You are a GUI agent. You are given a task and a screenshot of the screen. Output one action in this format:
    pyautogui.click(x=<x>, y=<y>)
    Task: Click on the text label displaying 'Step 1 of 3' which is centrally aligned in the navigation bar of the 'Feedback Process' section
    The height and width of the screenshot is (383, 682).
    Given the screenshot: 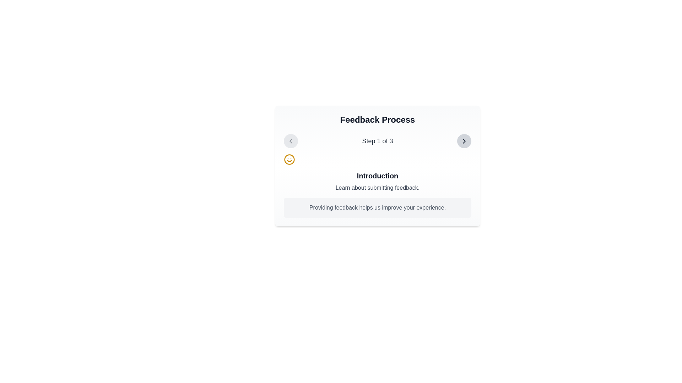 What is the action you would take?
    pyautogui.click(x=377, y=141)
    